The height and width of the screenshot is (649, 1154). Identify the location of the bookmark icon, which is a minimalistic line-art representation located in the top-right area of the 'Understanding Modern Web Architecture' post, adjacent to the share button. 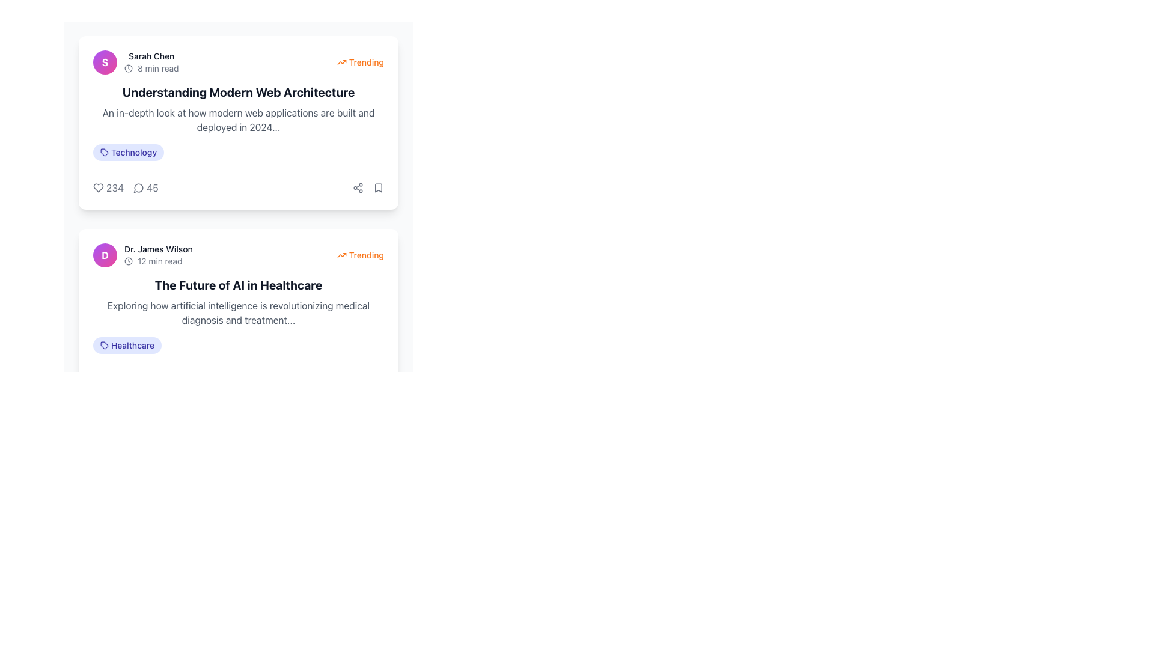
(377, 187).